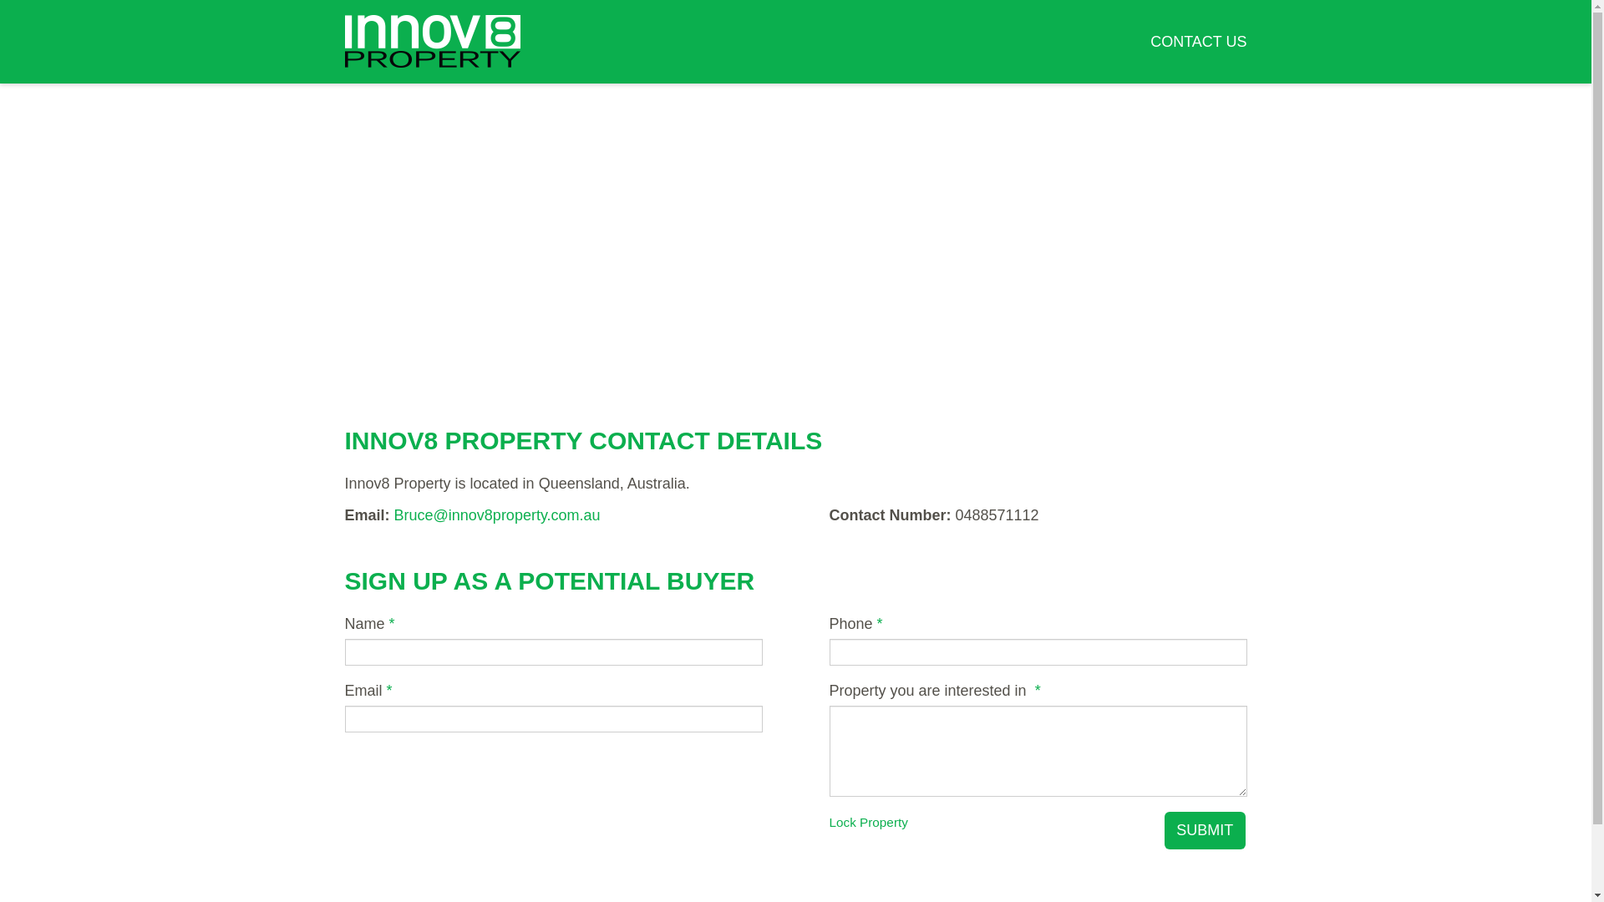 This screenshot has height=902, width=1604. I want to click on 'Lock Property', so click(867, 821).